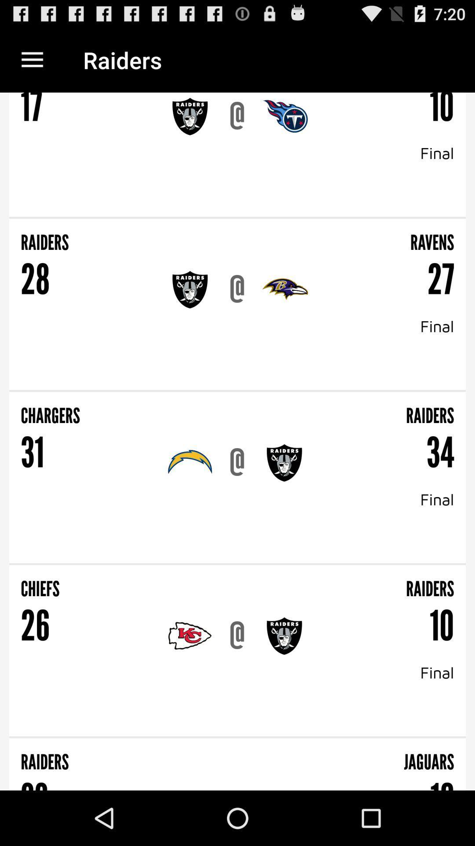 The height and width of the screenshot is (846, 475). I want to click on item below the raiders, so click(237, 789).